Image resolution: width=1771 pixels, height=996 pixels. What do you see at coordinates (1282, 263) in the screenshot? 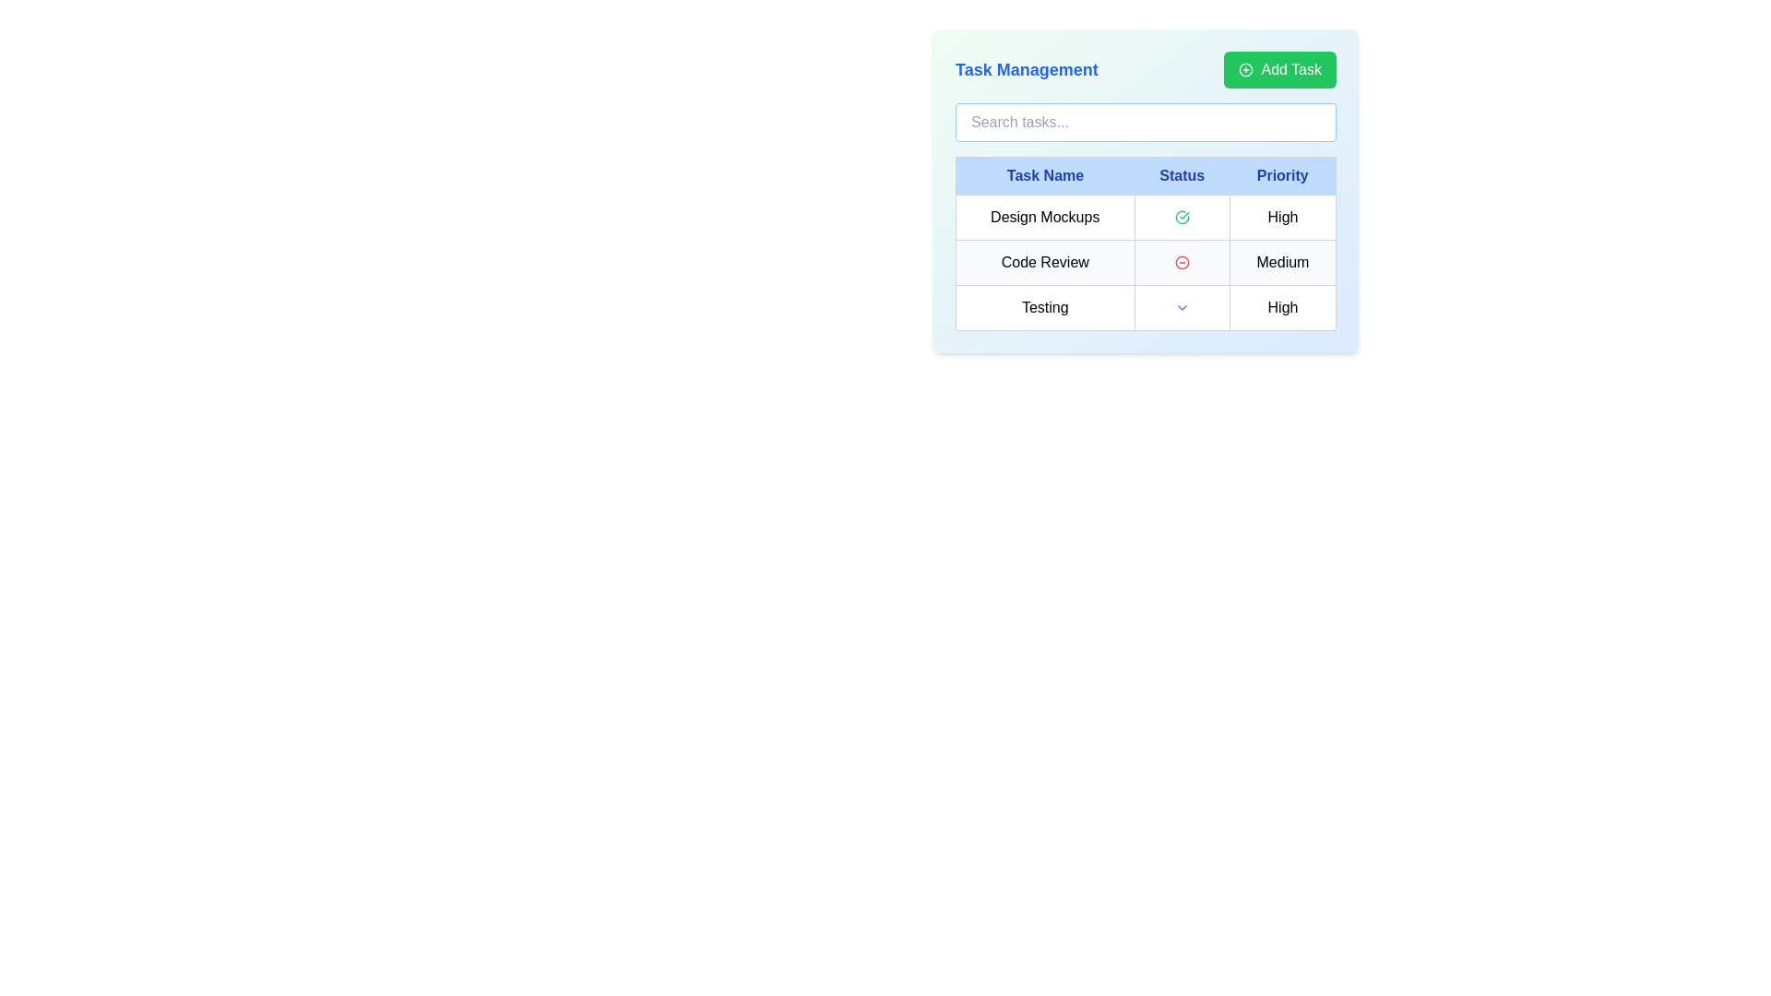
I see `the table cell indicating the priority level for the task labeled 'Code Review', located in the third column of the second row under the 'Task Name' header` at bounding box center [1282, 263].